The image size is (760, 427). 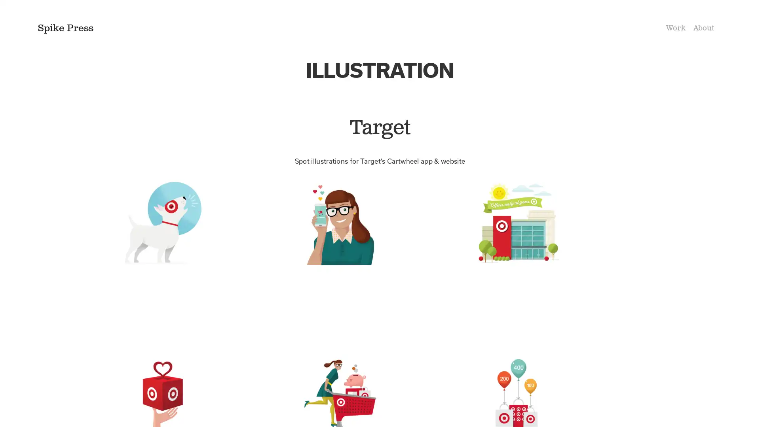 I want to click on View fullsize 01.png, so click(x=202, y=261).